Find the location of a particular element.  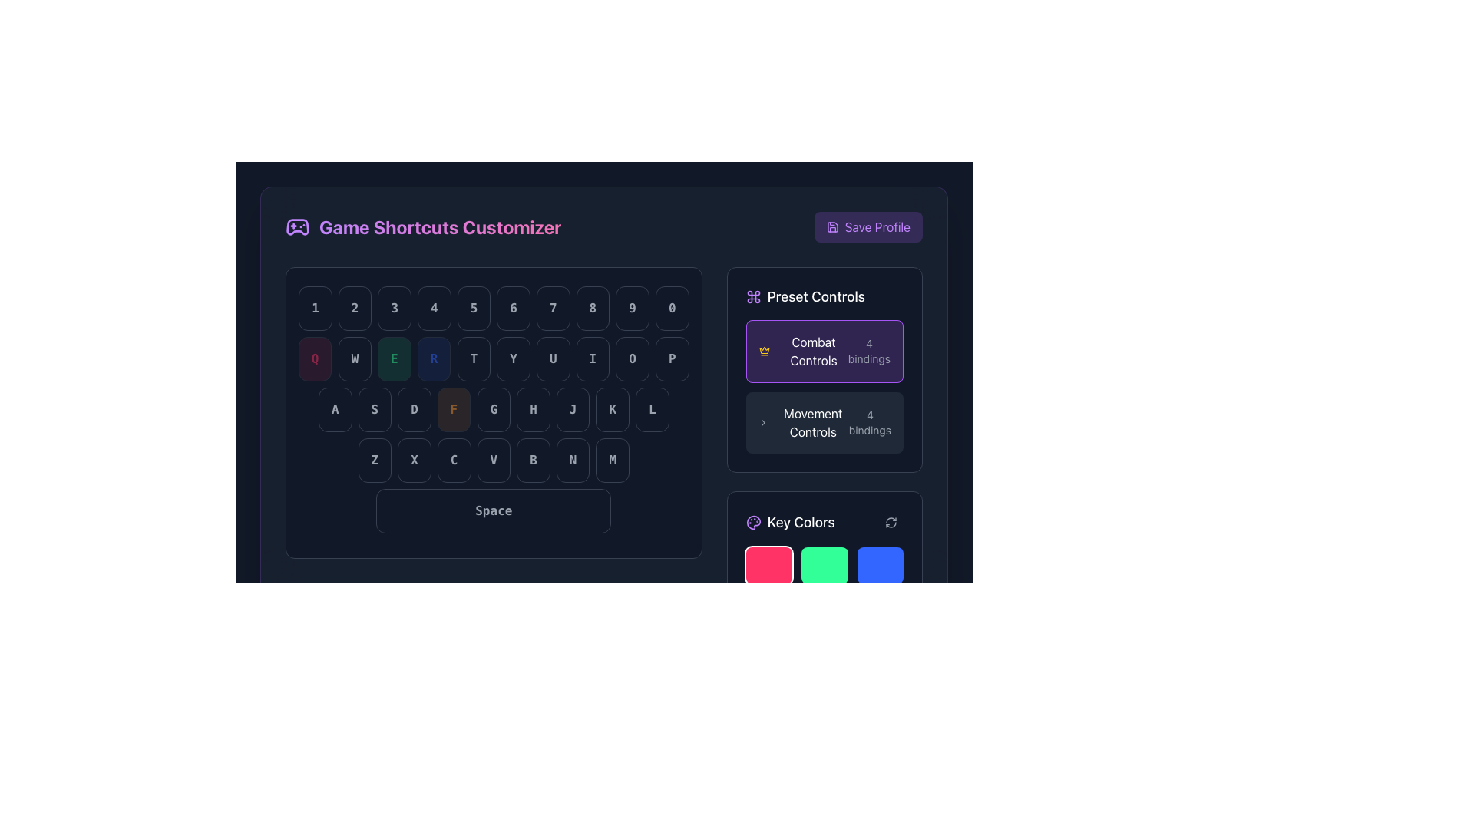

the sixth rounded rectangular button labeled 'Y' with light gray text on a dark background is located at coordinates (514, 358).